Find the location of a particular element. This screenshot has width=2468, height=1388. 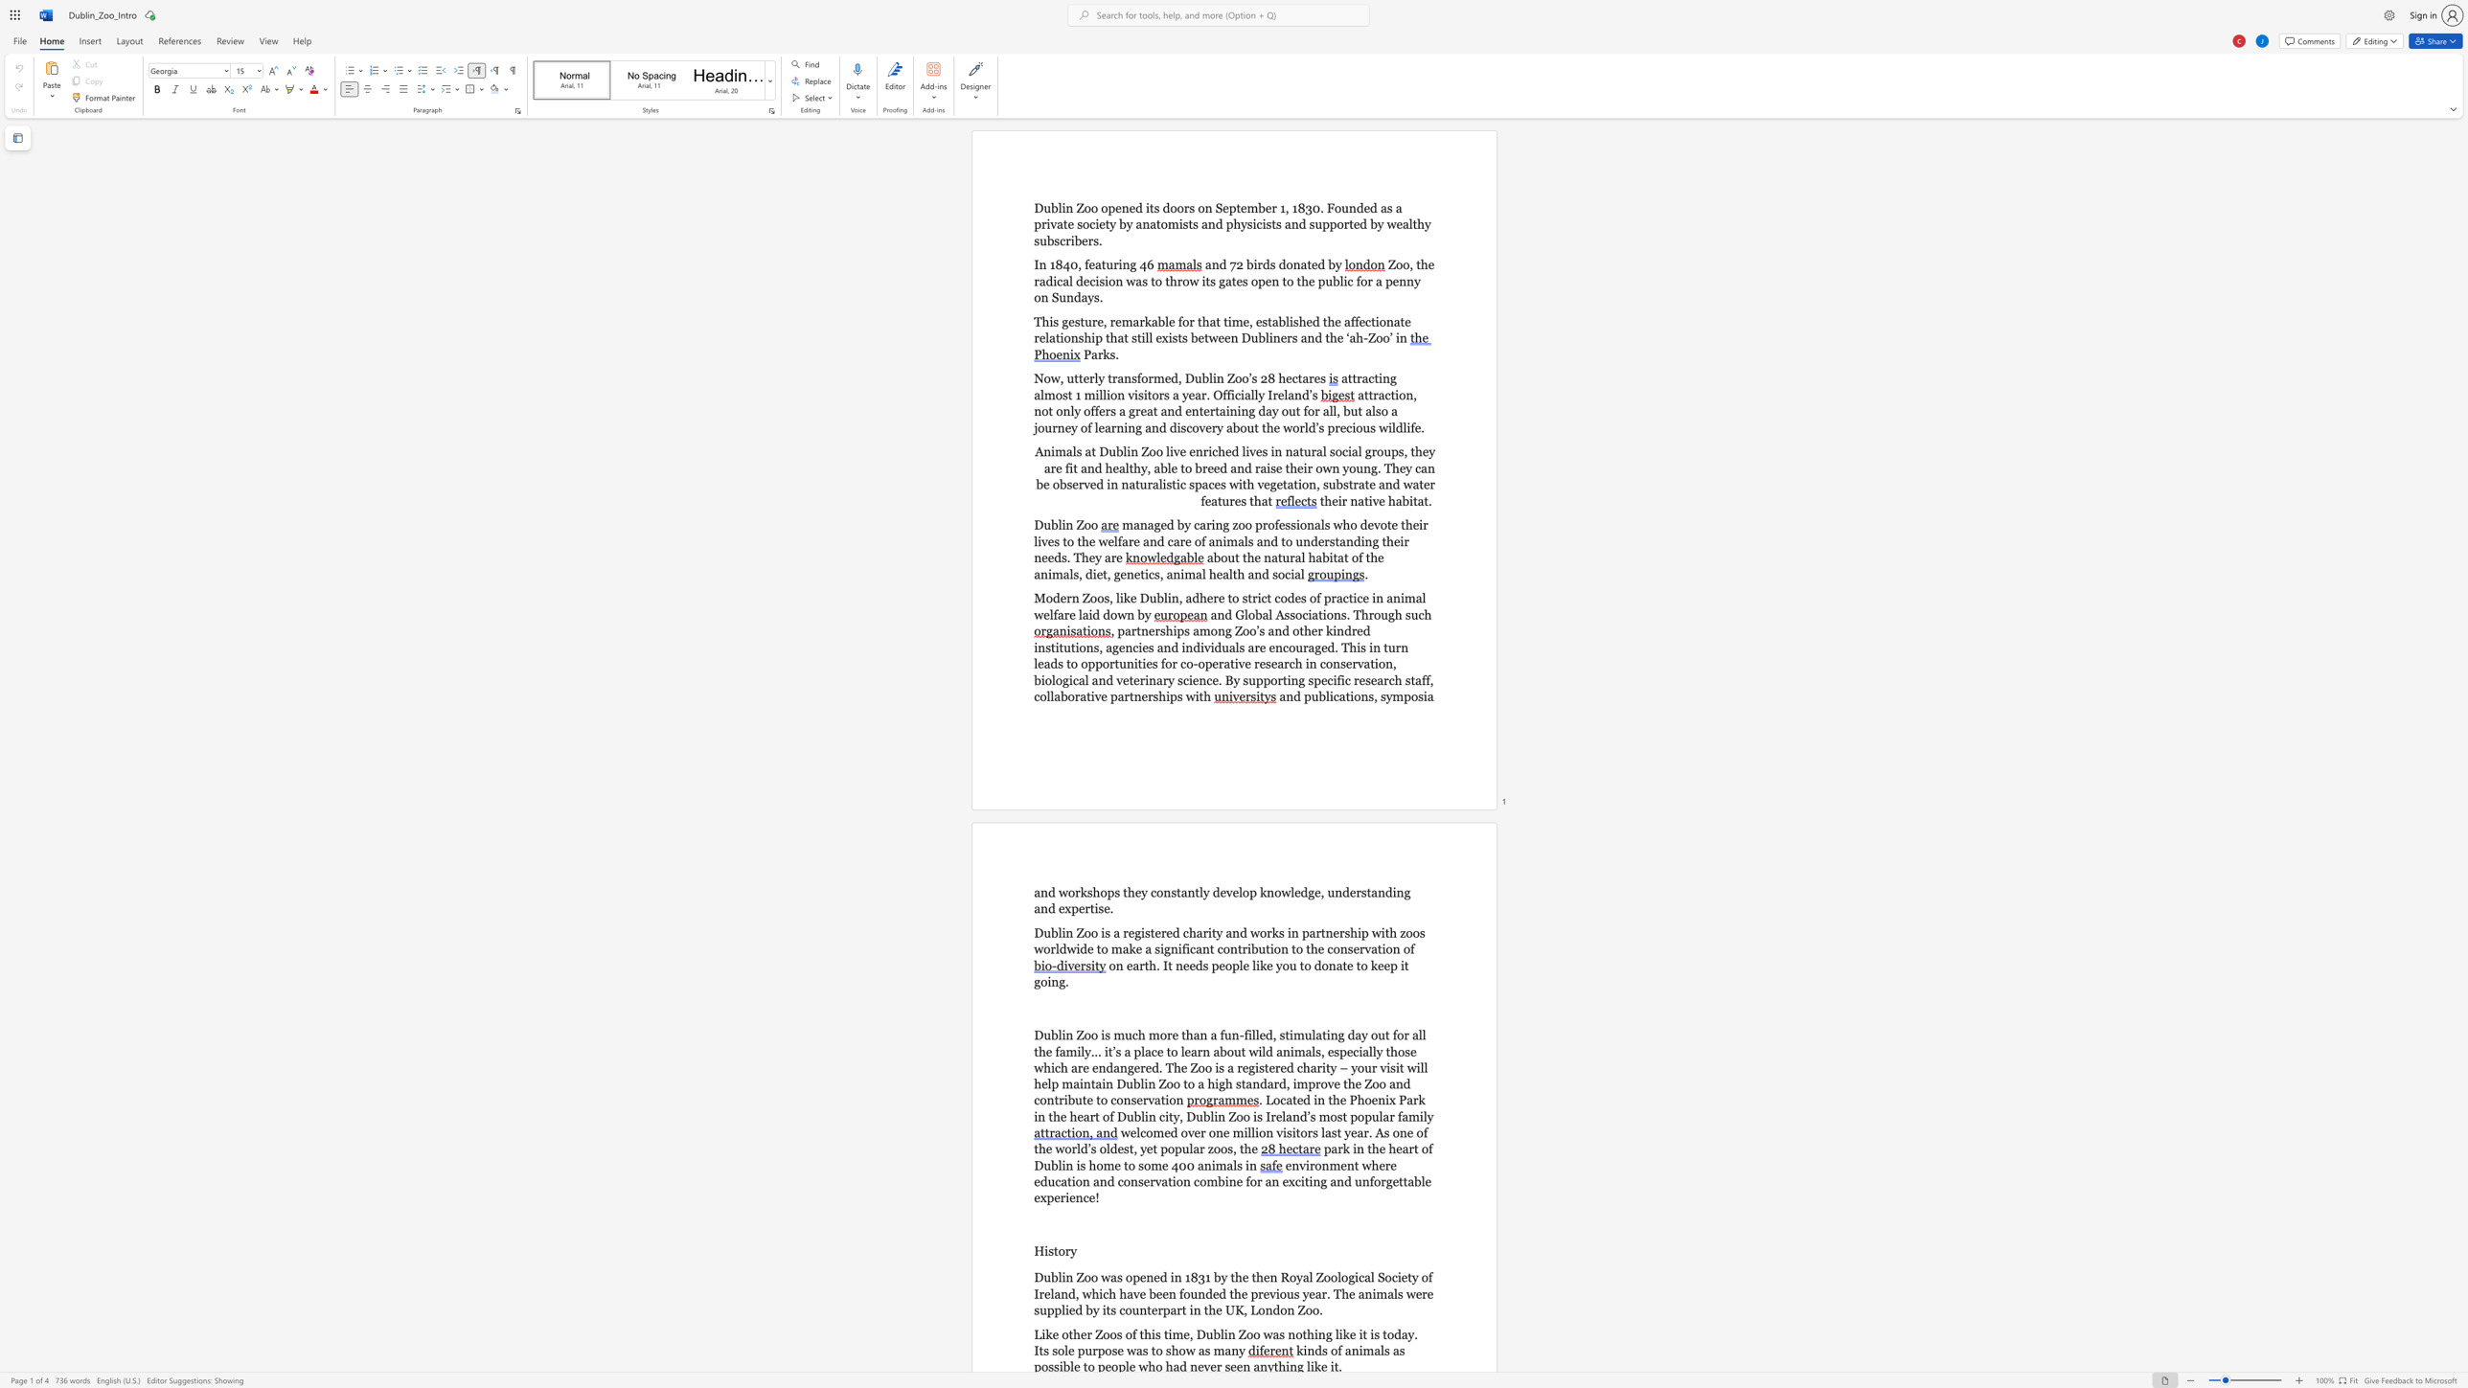

the subset text "eople like you to donate t" within the text "on earth. It needs people like you to donate to keep it going." is located at coordinates (1218, 964).